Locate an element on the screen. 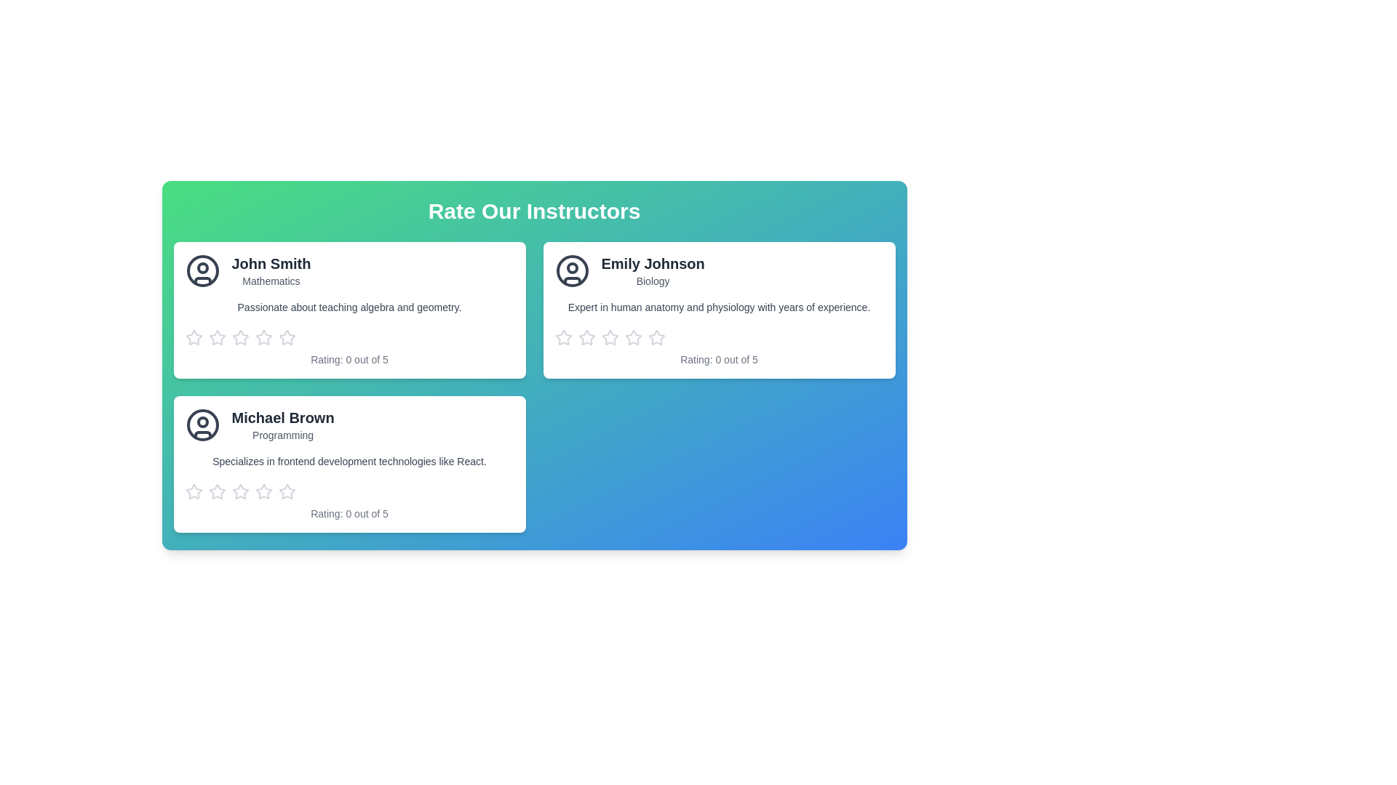 This screenshot has width=1397, height=785. the third star icon in the horizontal row of five stars is located at coordinates (263, 337).